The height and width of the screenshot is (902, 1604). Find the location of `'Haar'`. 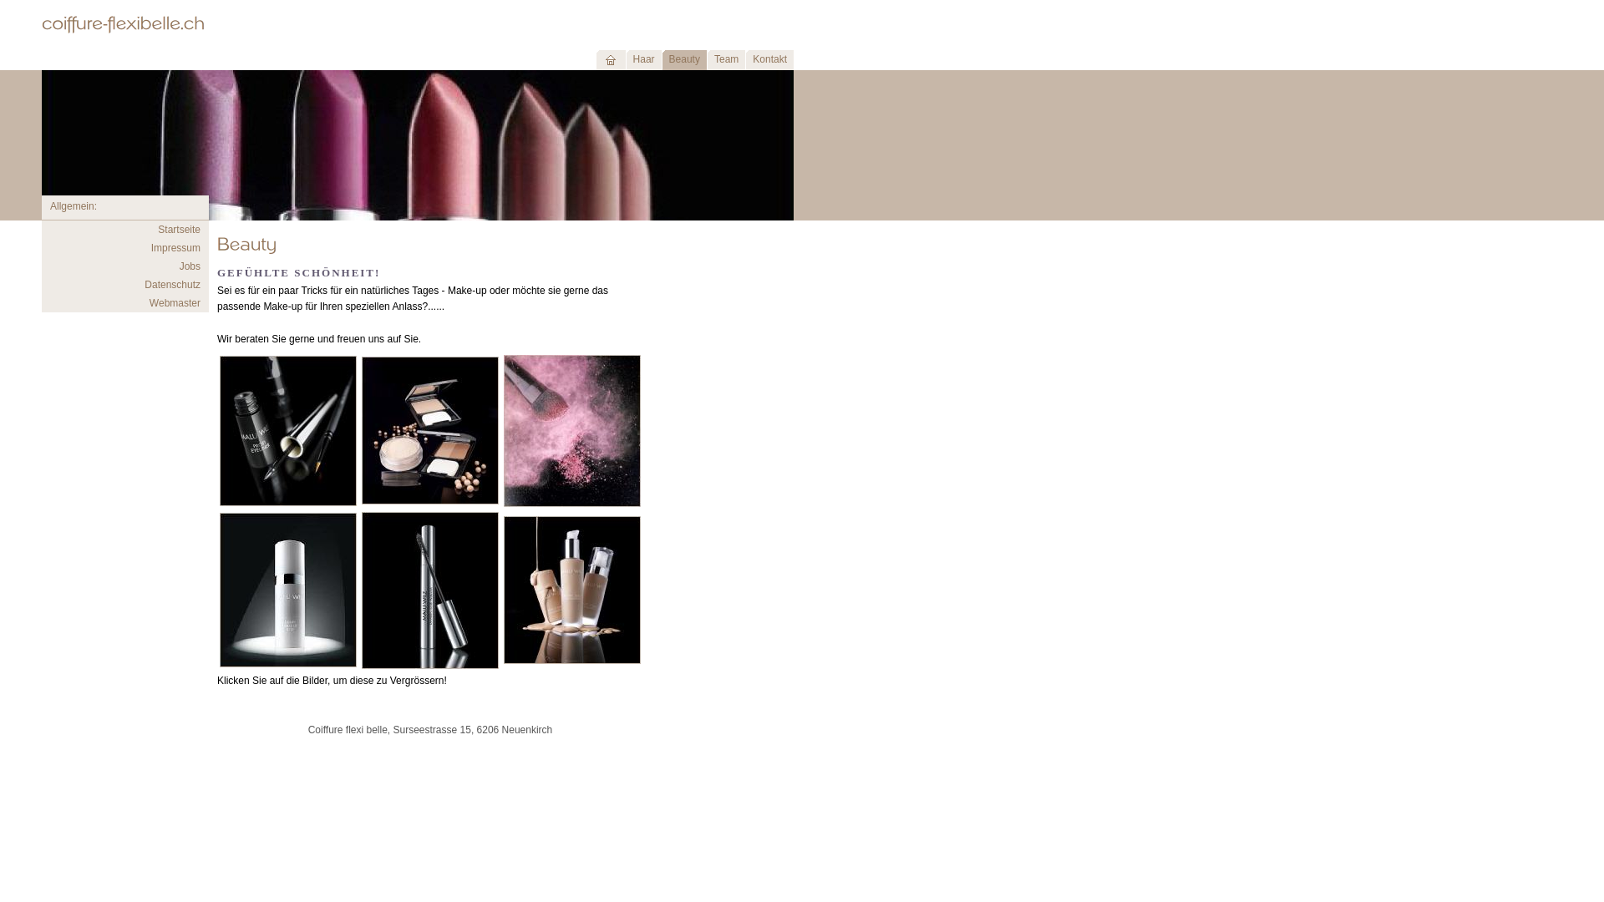

'Haar' is located at coordinates (642, 60).